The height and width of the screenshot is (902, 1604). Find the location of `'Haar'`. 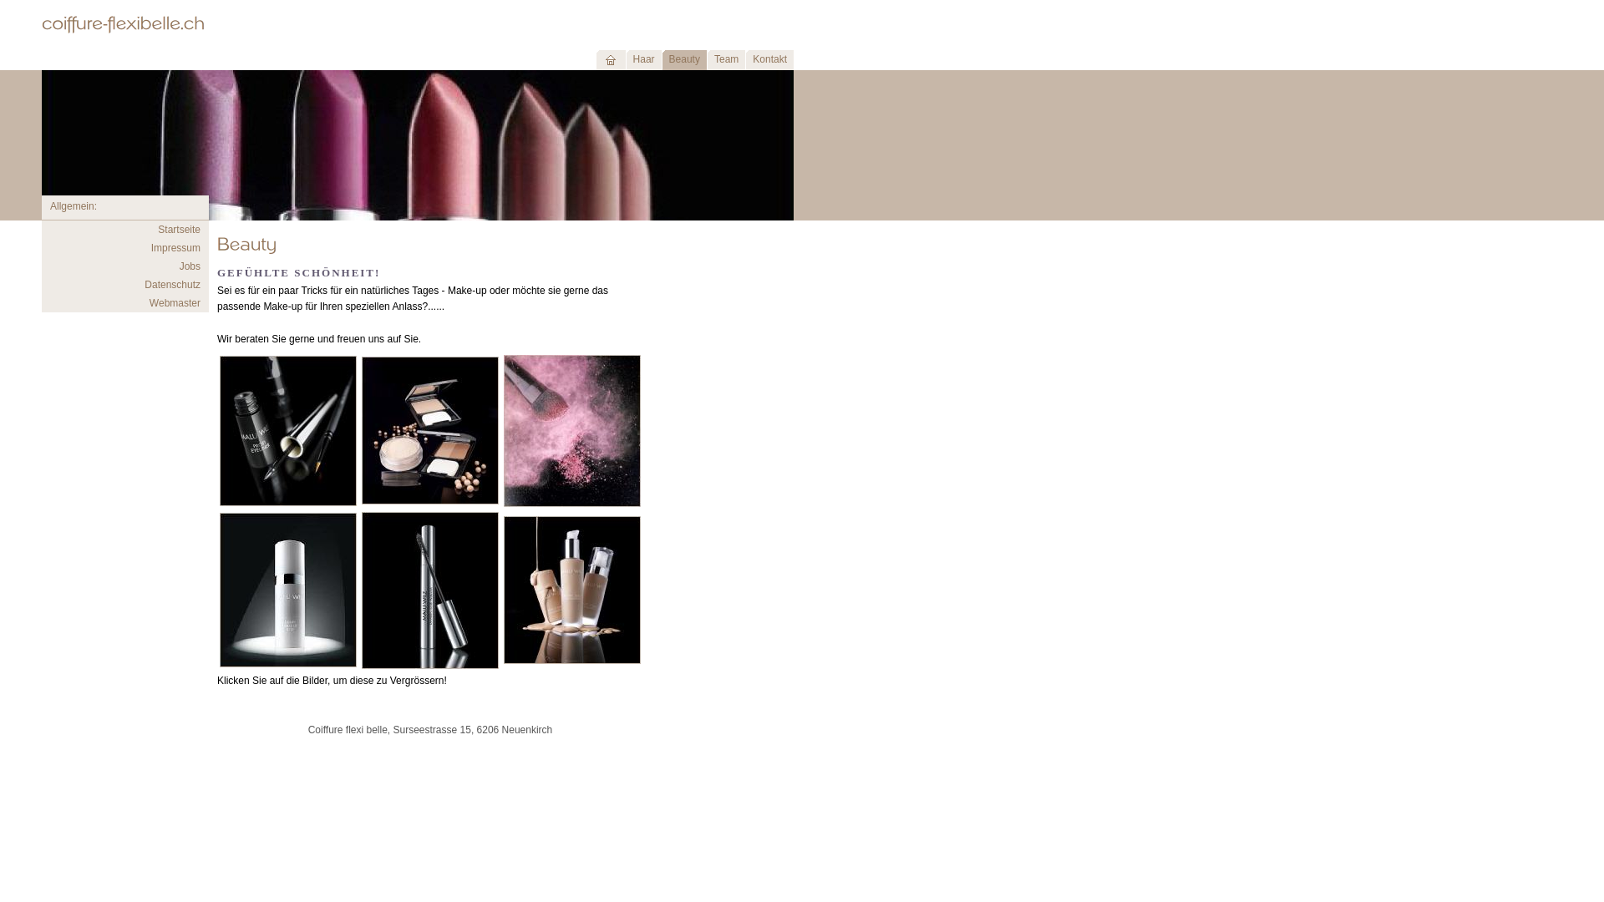

'Haar' is located at coordinates (642, 60).